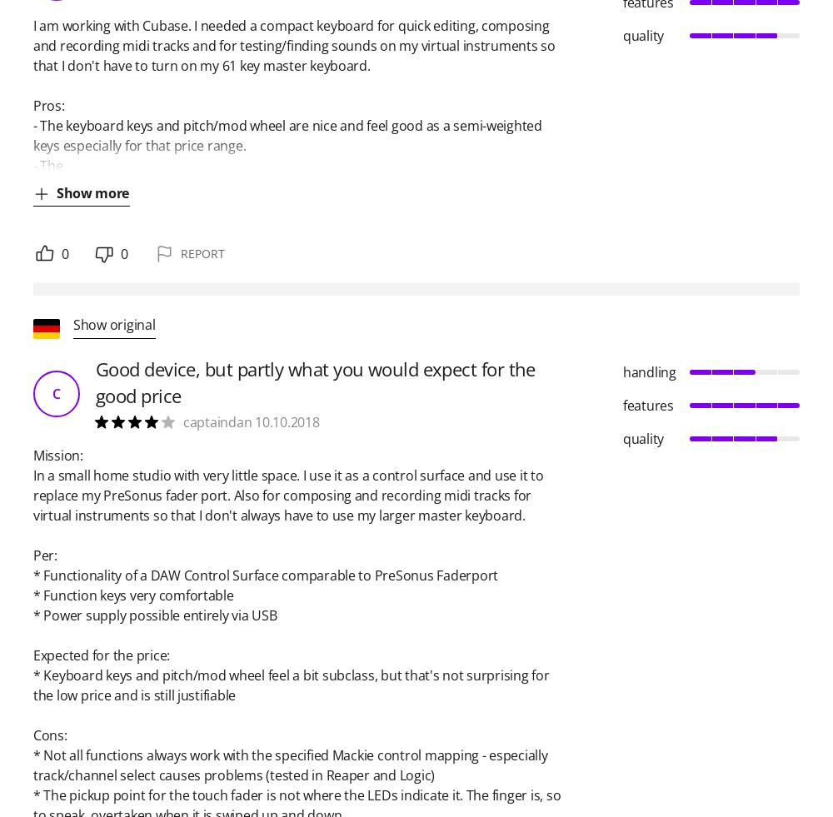 The width and height of the screenshot is (833, 817). What do you see at coordinates (47, 165) in the screenshot?
I see `'- The'` at bounding box center [47, 165].